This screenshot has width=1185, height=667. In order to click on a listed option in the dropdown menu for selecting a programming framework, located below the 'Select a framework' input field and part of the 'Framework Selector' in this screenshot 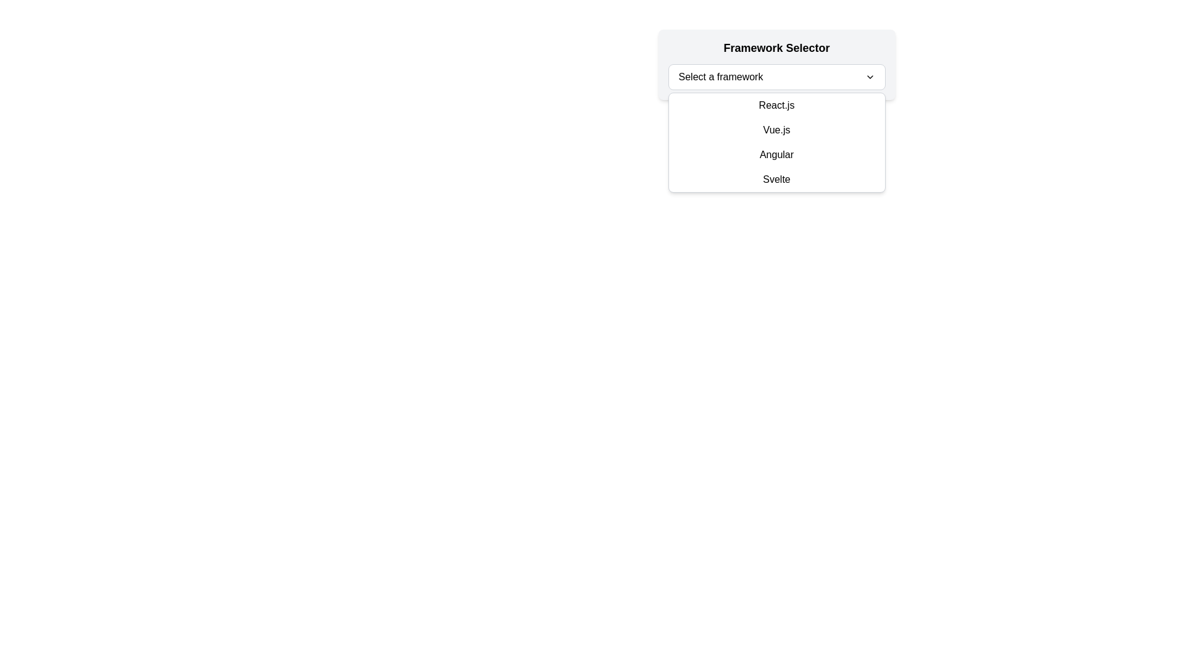, I will do `click(776, 142)`.